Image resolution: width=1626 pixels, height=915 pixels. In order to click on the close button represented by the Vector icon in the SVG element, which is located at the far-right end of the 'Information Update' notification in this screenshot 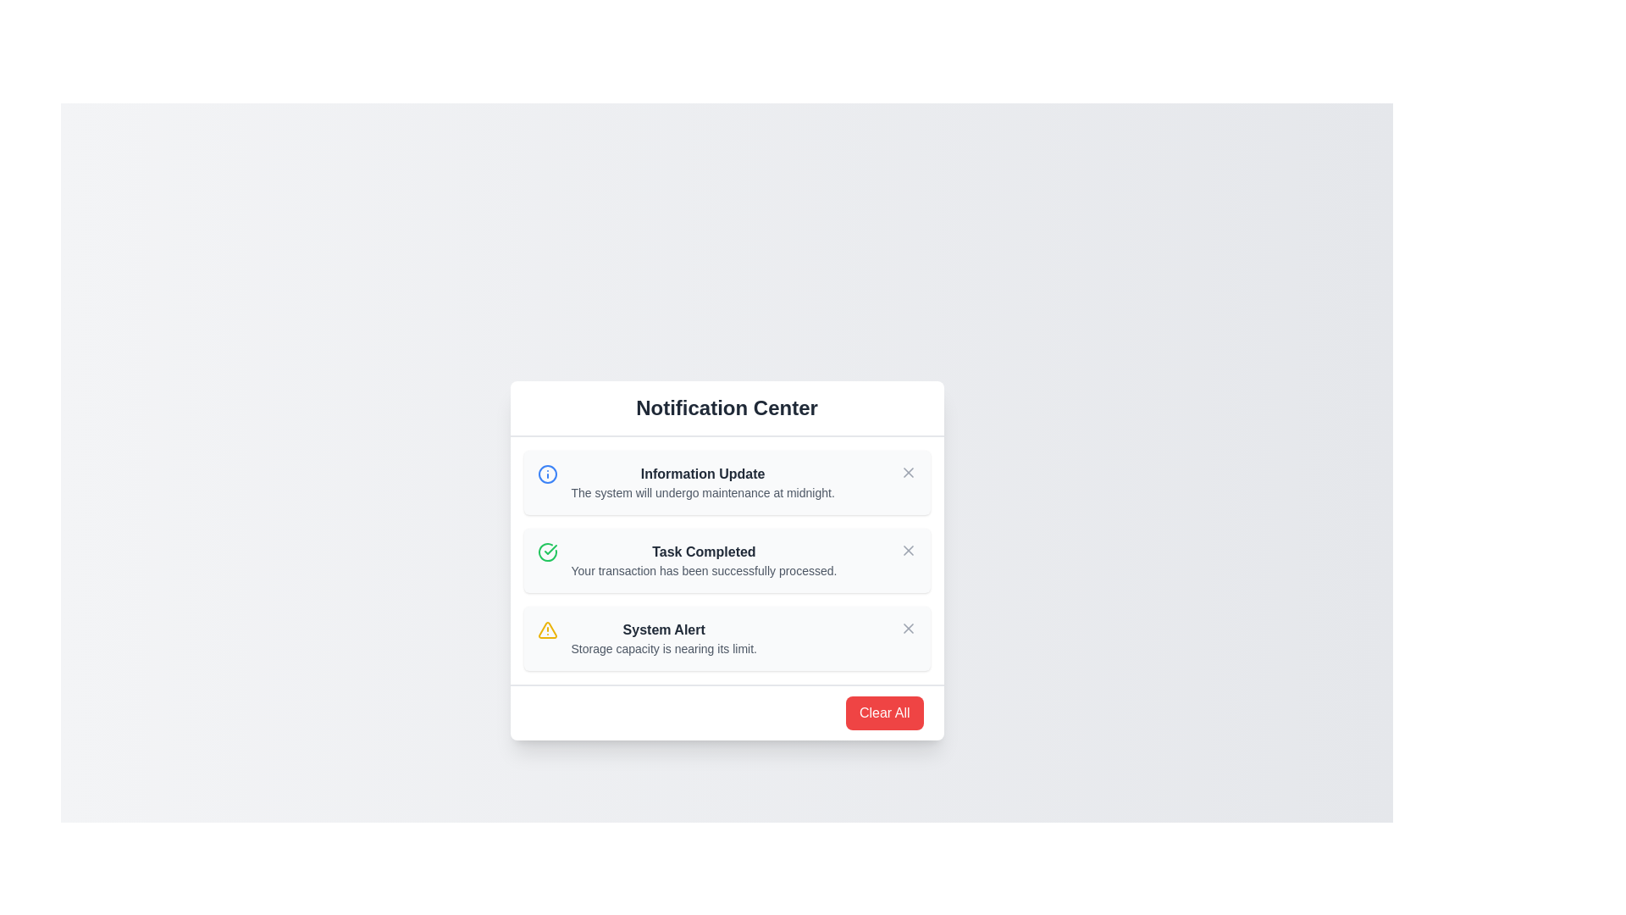, I will do `click(907, 473)`.